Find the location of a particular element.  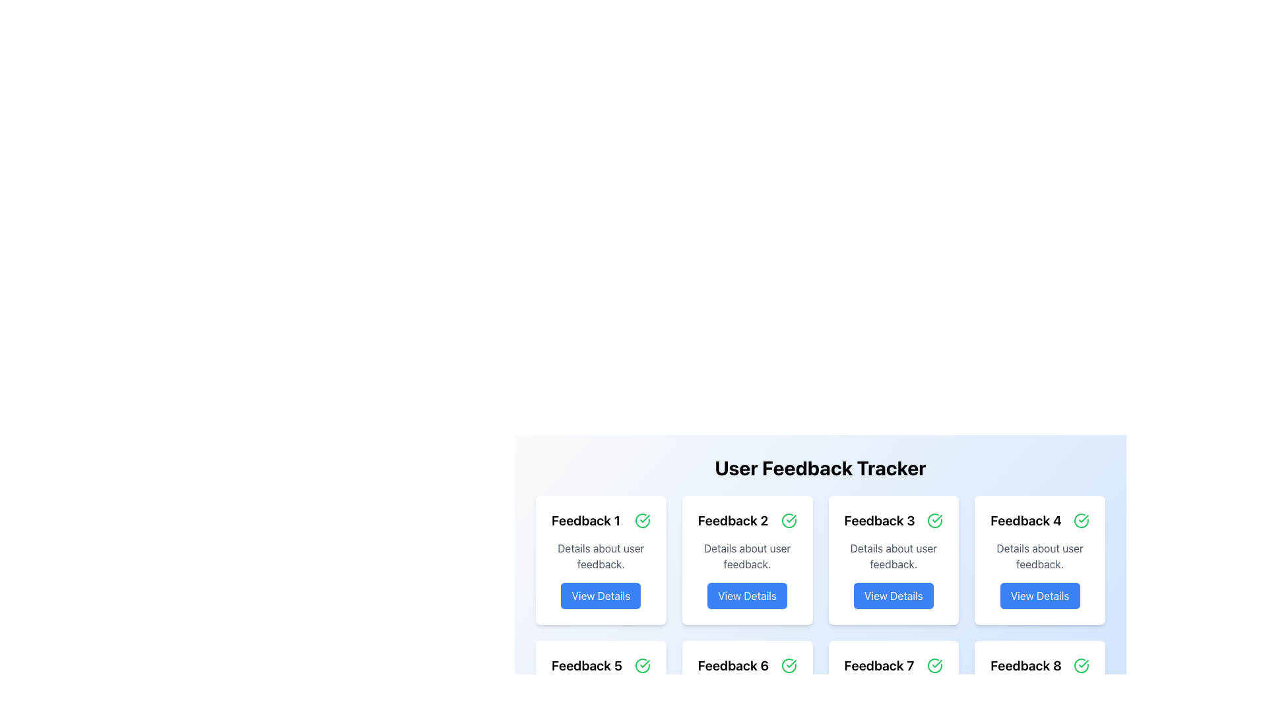

the circular icon with a green border and a check mark inside, which represents a positive or completed action, located adjacent to the text label 'Feedback 7' is located at coordinates (934, 666).